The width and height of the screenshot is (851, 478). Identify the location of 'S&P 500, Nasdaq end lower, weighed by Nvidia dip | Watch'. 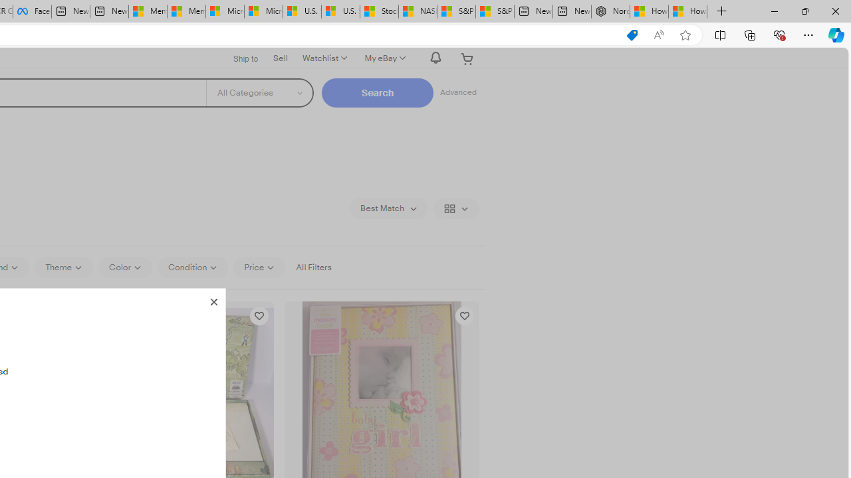
(494, 11).